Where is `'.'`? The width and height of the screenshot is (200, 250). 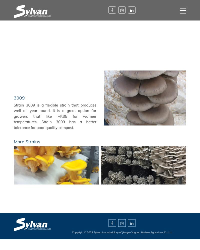
'.' is located at coordinates (173, 232).